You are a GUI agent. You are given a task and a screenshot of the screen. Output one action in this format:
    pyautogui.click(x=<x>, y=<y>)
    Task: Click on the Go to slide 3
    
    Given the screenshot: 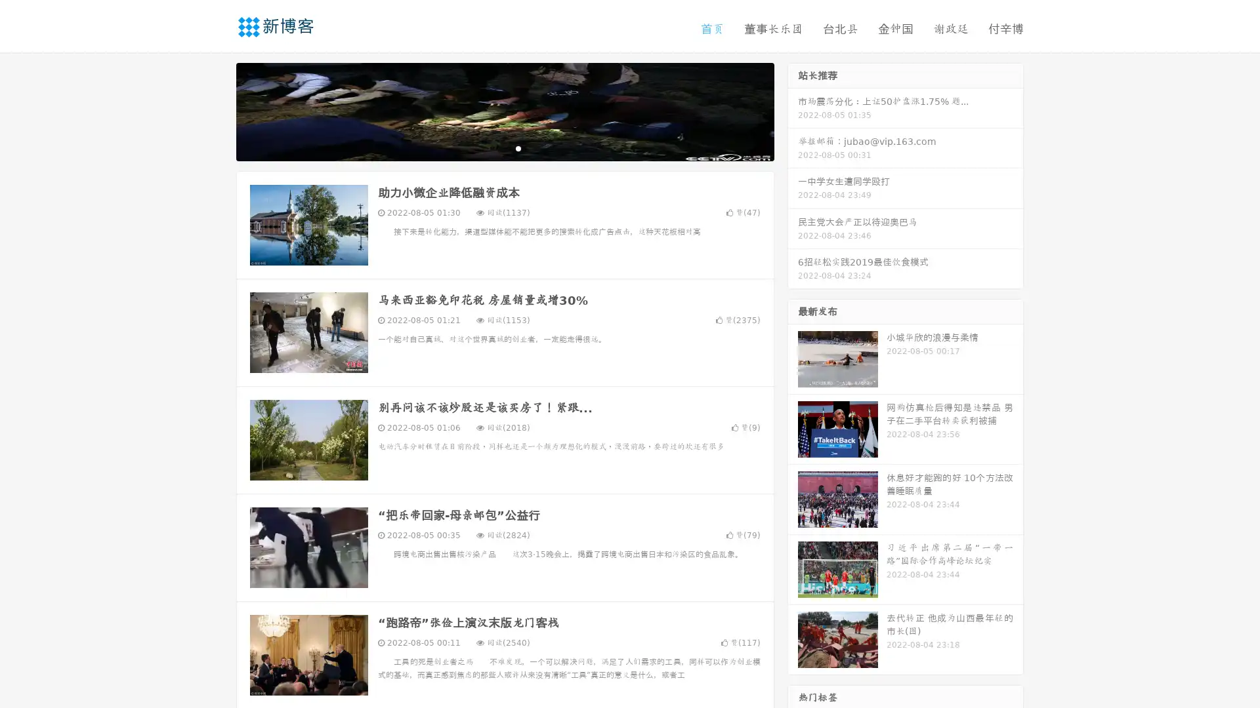 What is the action you would take?
    pyautogui.click(x=518, y=147)
    